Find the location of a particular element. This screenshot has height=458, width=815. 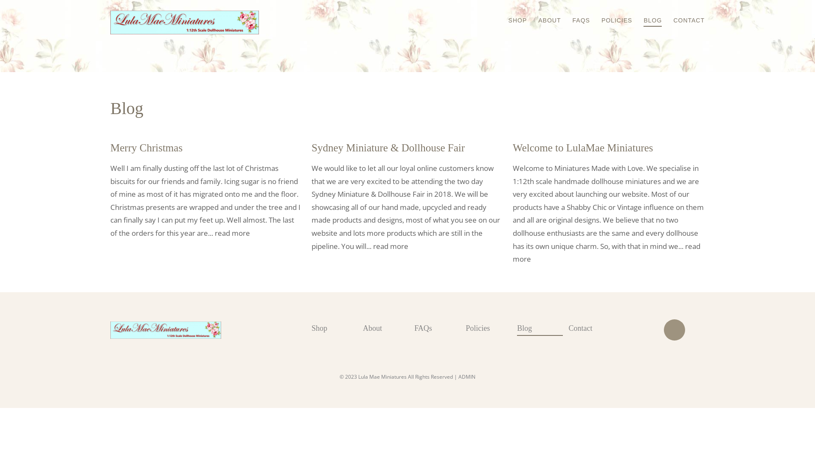

'ADMIN' is located at coordinates (458, 376).